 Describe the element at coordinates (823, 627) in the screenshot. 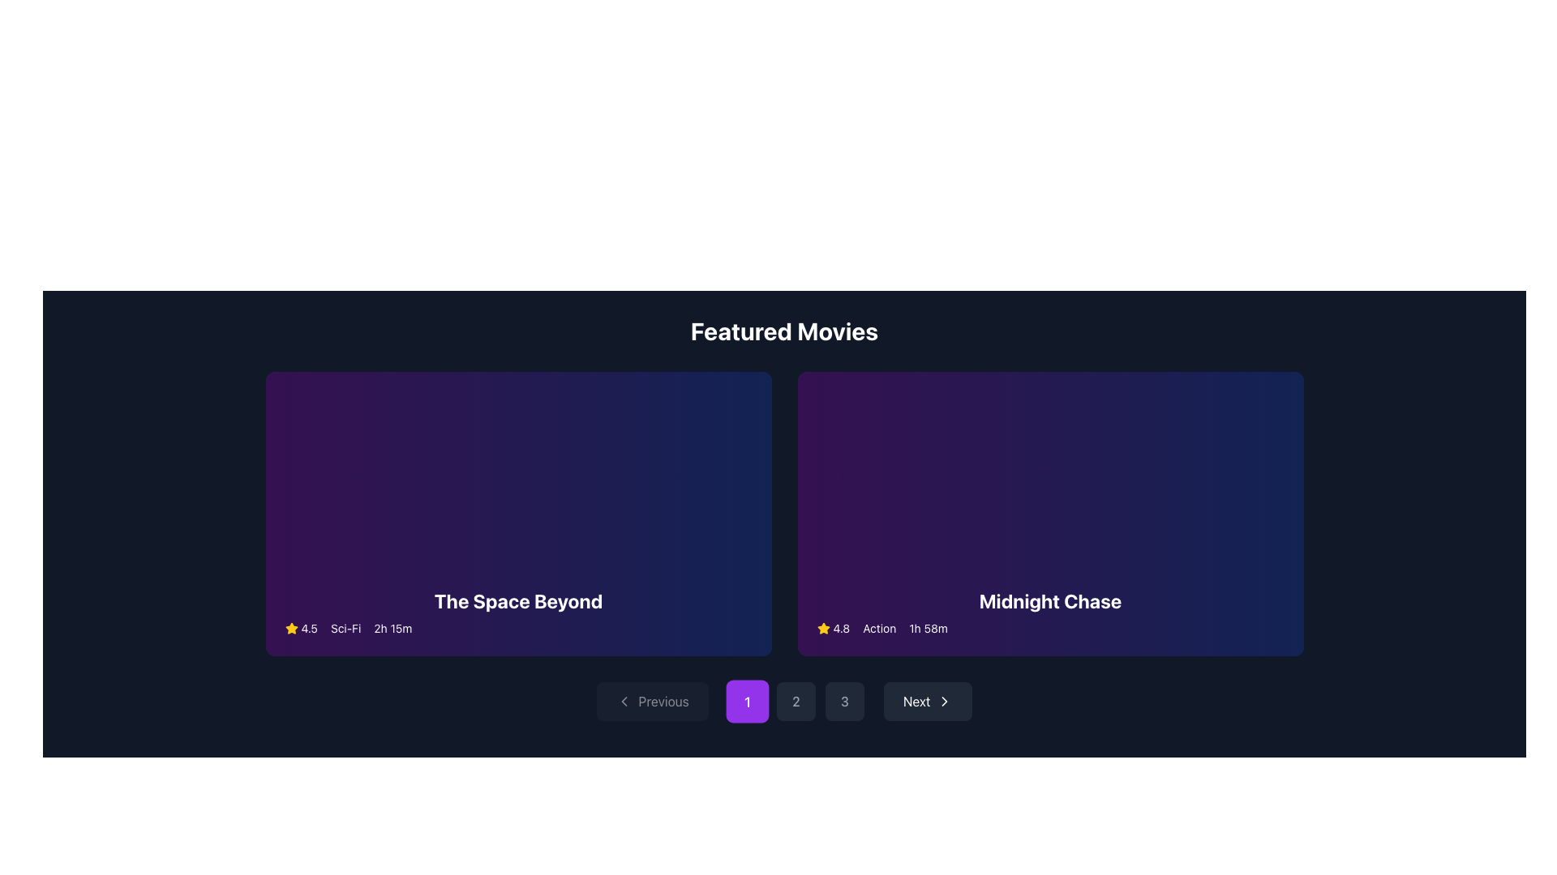

I see `the star-shaped rating icon with a yellow foreground located in the rating section of the 'Midnight Chase' card` at that location.